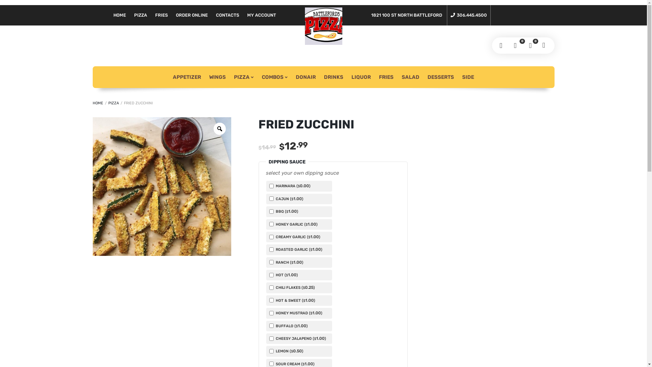 The width and height of the screenshot is (652, 367). I want to click on 'APPETIZER', so click(187, 77).